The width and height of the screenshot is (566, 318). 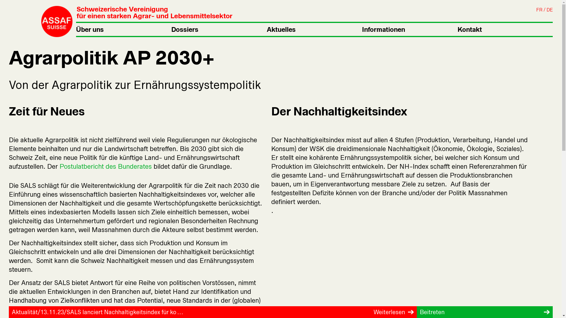 What do you see at coordinates (266, 29) in the screenshot?
I see `'Aktuelles'` at bounding box center [266, 29].